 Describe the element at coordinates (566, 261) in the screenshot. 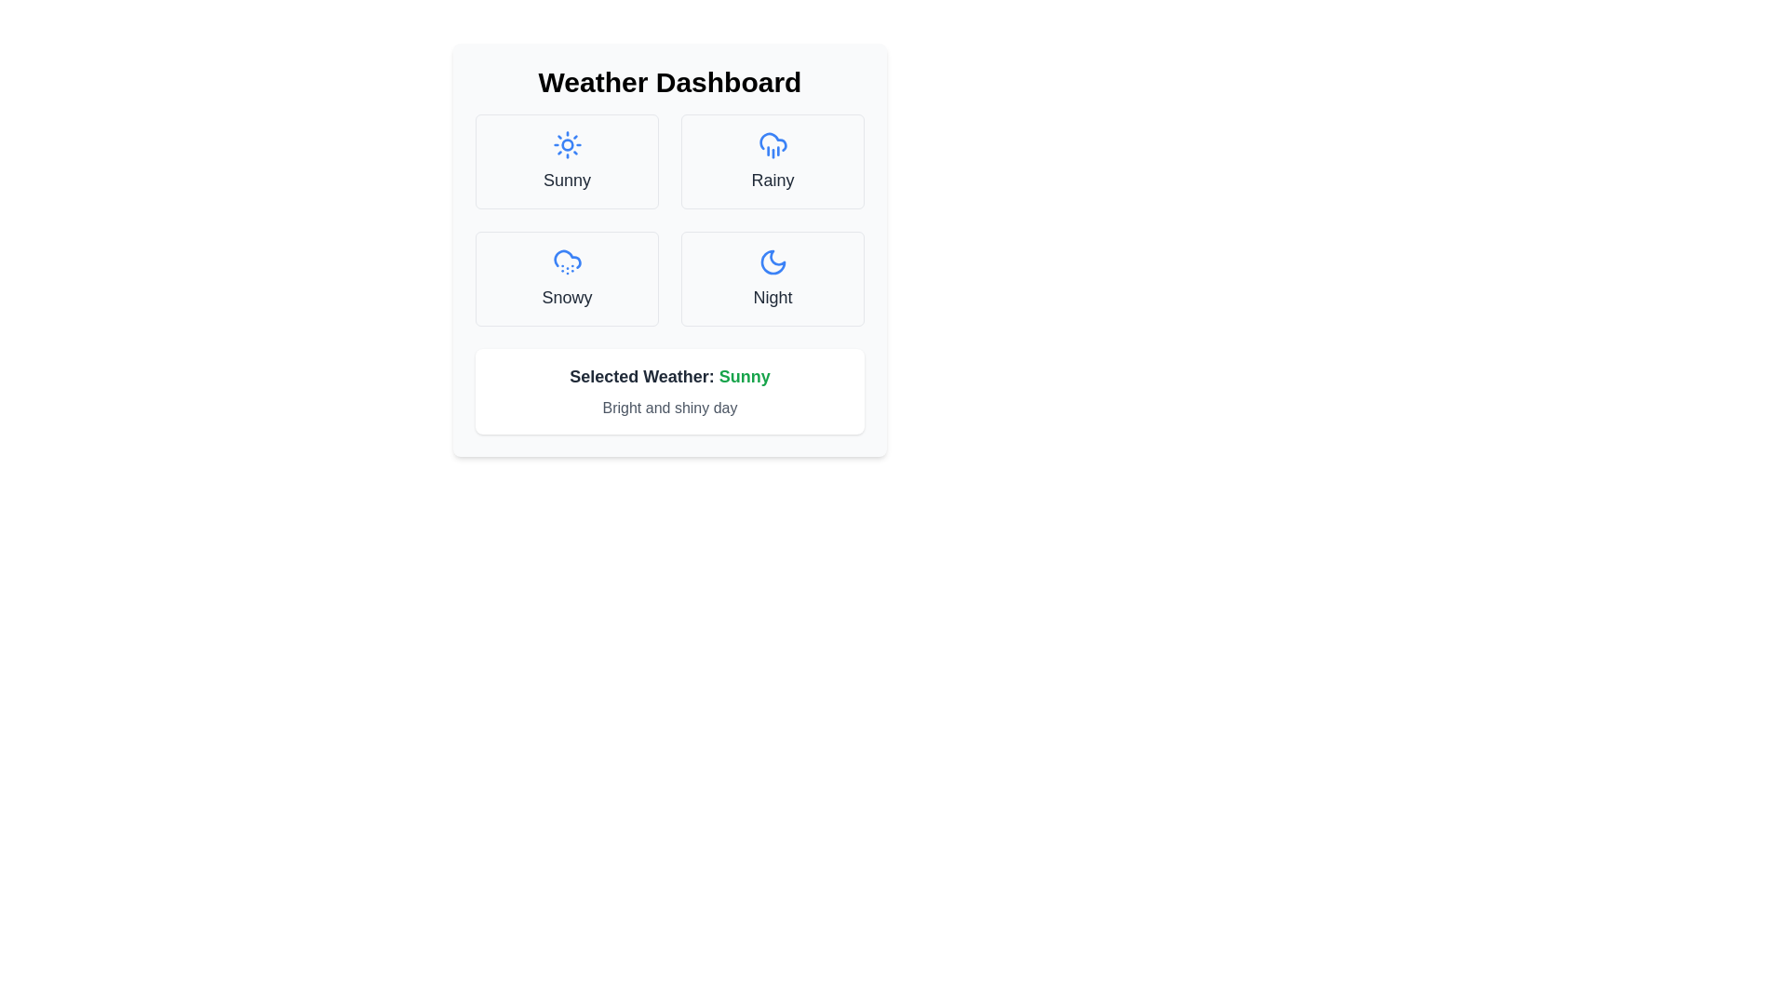

I see `the cloud-shaped icon filled with blue and white shades, which represents the 'Snowy' weather option in the weather dashboard interface` at that location.